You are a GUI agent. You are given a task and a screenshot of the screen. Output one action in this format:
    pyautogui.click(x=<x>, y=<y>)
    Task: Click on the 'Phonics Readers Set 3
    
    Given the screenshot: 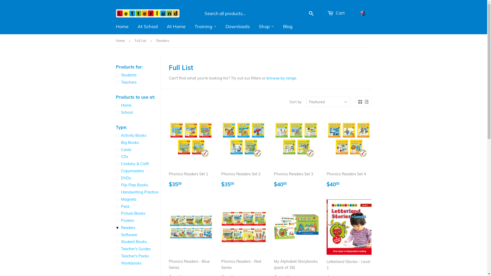 What is the action you would take?
    pyautogui.click(x=296, y=152)
    